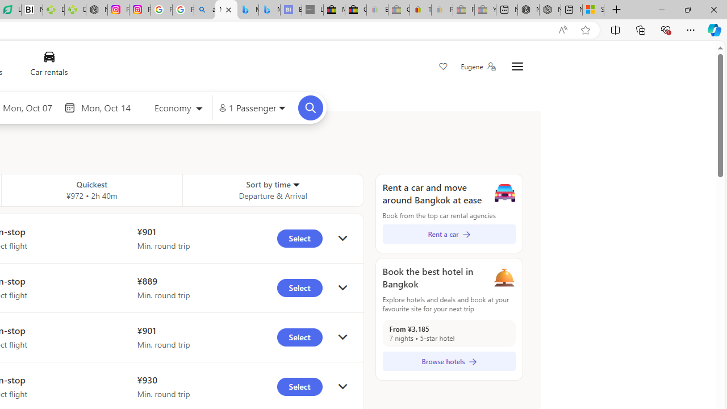  I want to click on 'Yard, Garden & Outdoor Living - Sleeping', so click(485, 10).